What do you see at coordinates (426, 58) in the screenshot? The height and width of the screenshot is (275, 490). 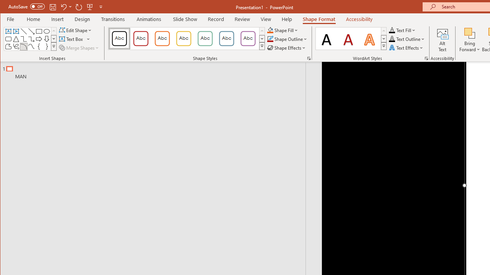 I see `'Format Text Effects...'` at bounding box center [426, 58].